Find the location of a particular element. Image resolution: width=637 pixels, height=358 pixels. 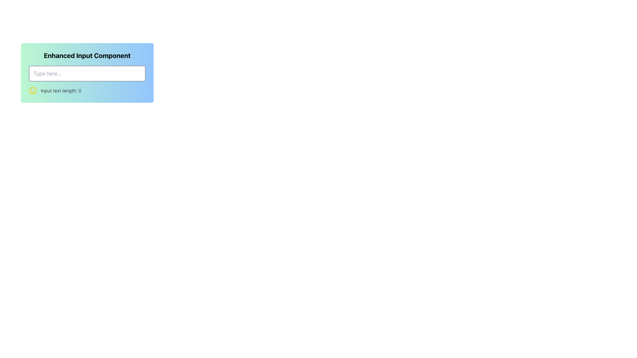

the smiley face icon that represents a positive or neutral status, located at the far-left of a group with a text indicator showing 'Input text length: 0' is located at coordinates (33, 90).